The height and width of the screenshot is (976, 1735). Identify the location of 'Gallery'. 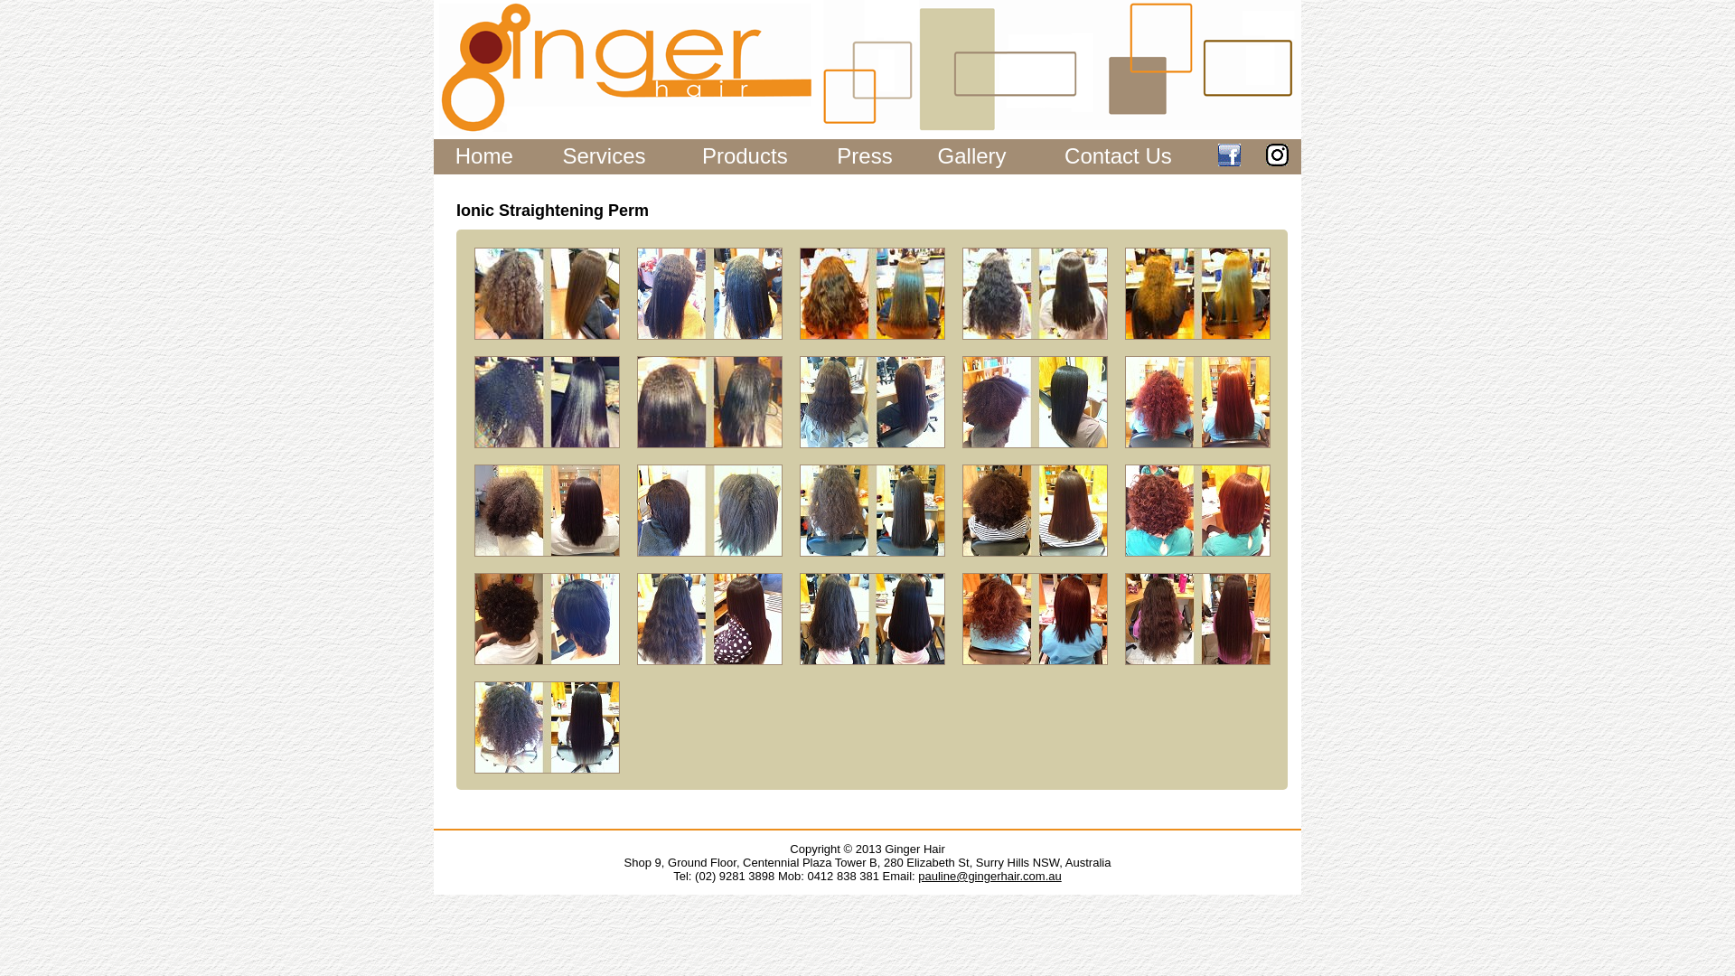
(971, 155).